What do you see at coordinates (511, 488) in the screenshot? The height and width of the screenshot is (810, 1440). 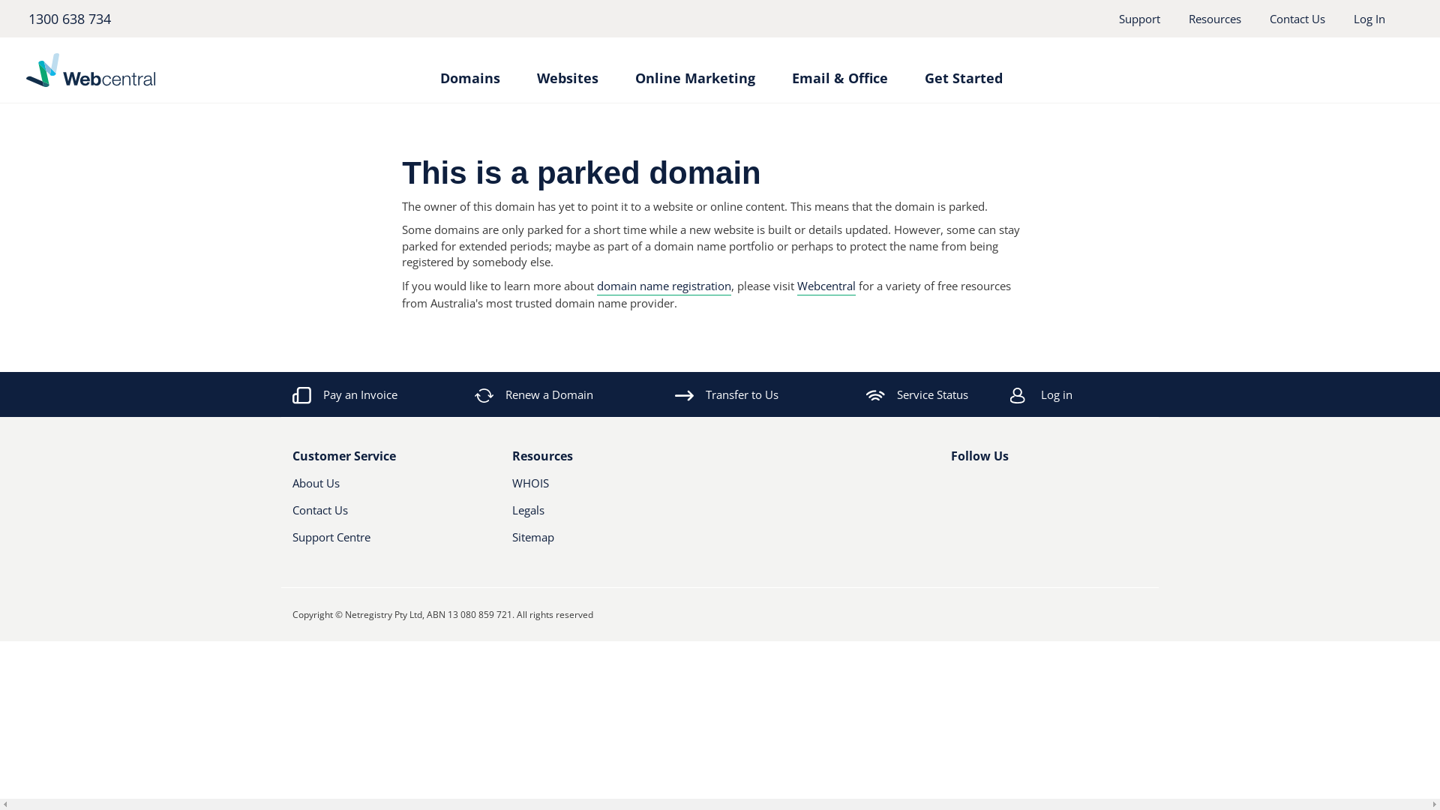 I see `'WHOIS'` at bounding box center [511, 488].